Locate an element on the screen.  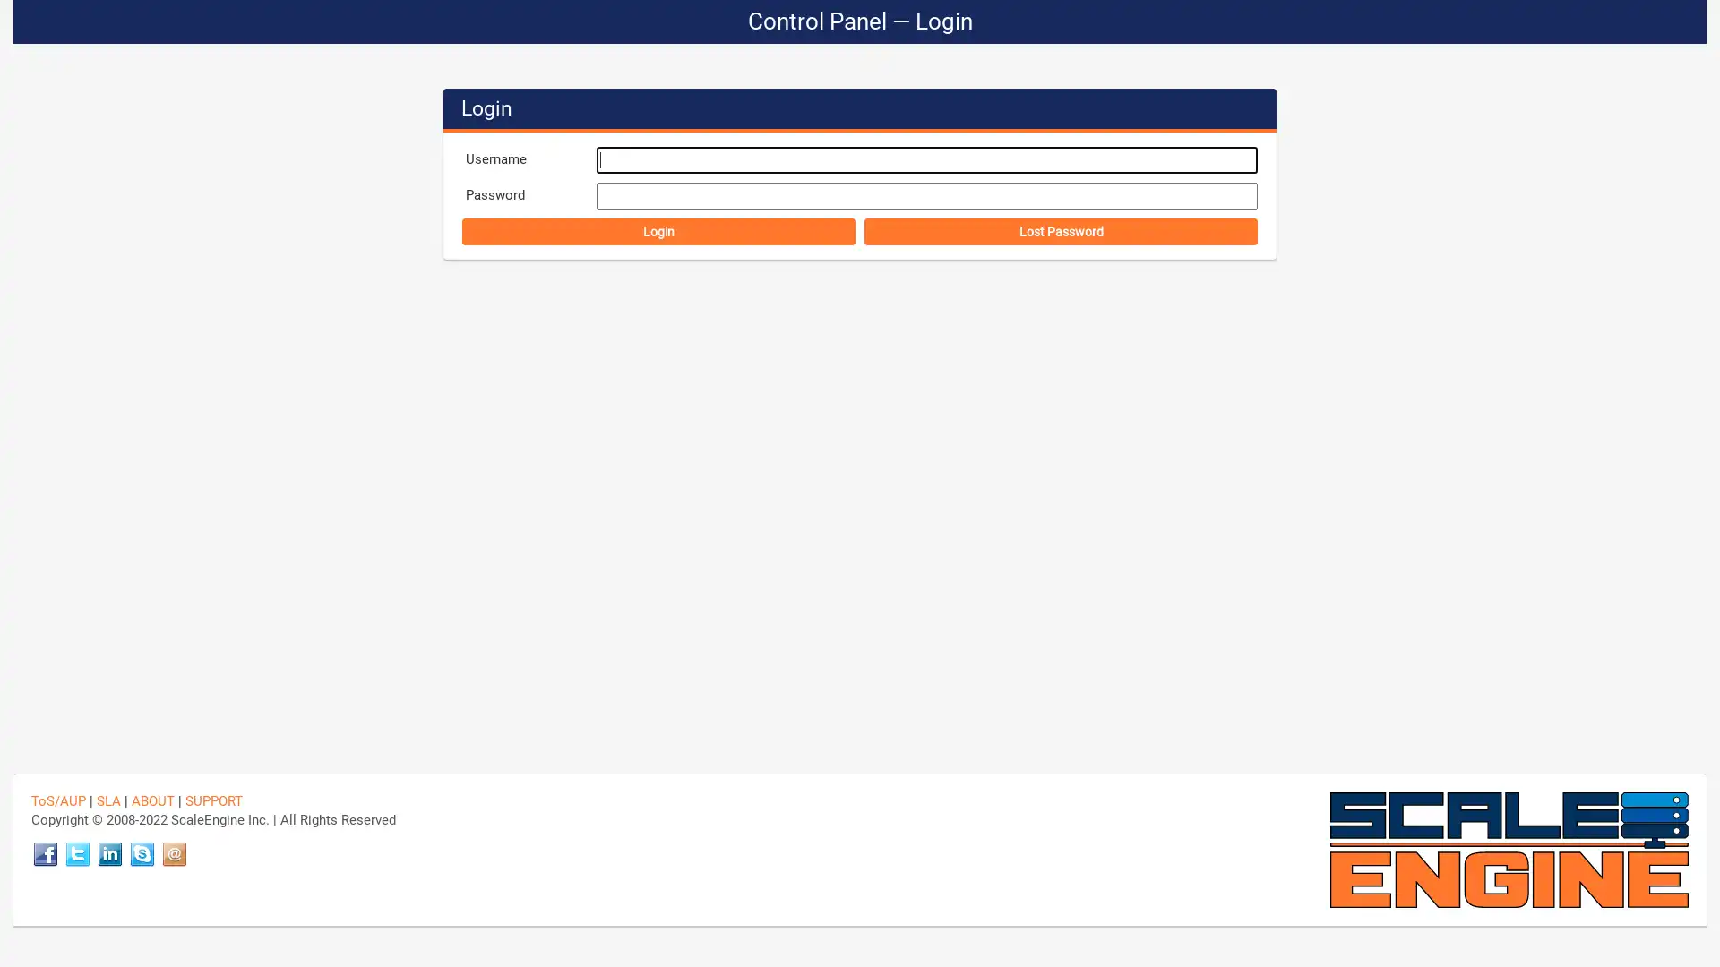
Login is located at coordinates (658, 230).